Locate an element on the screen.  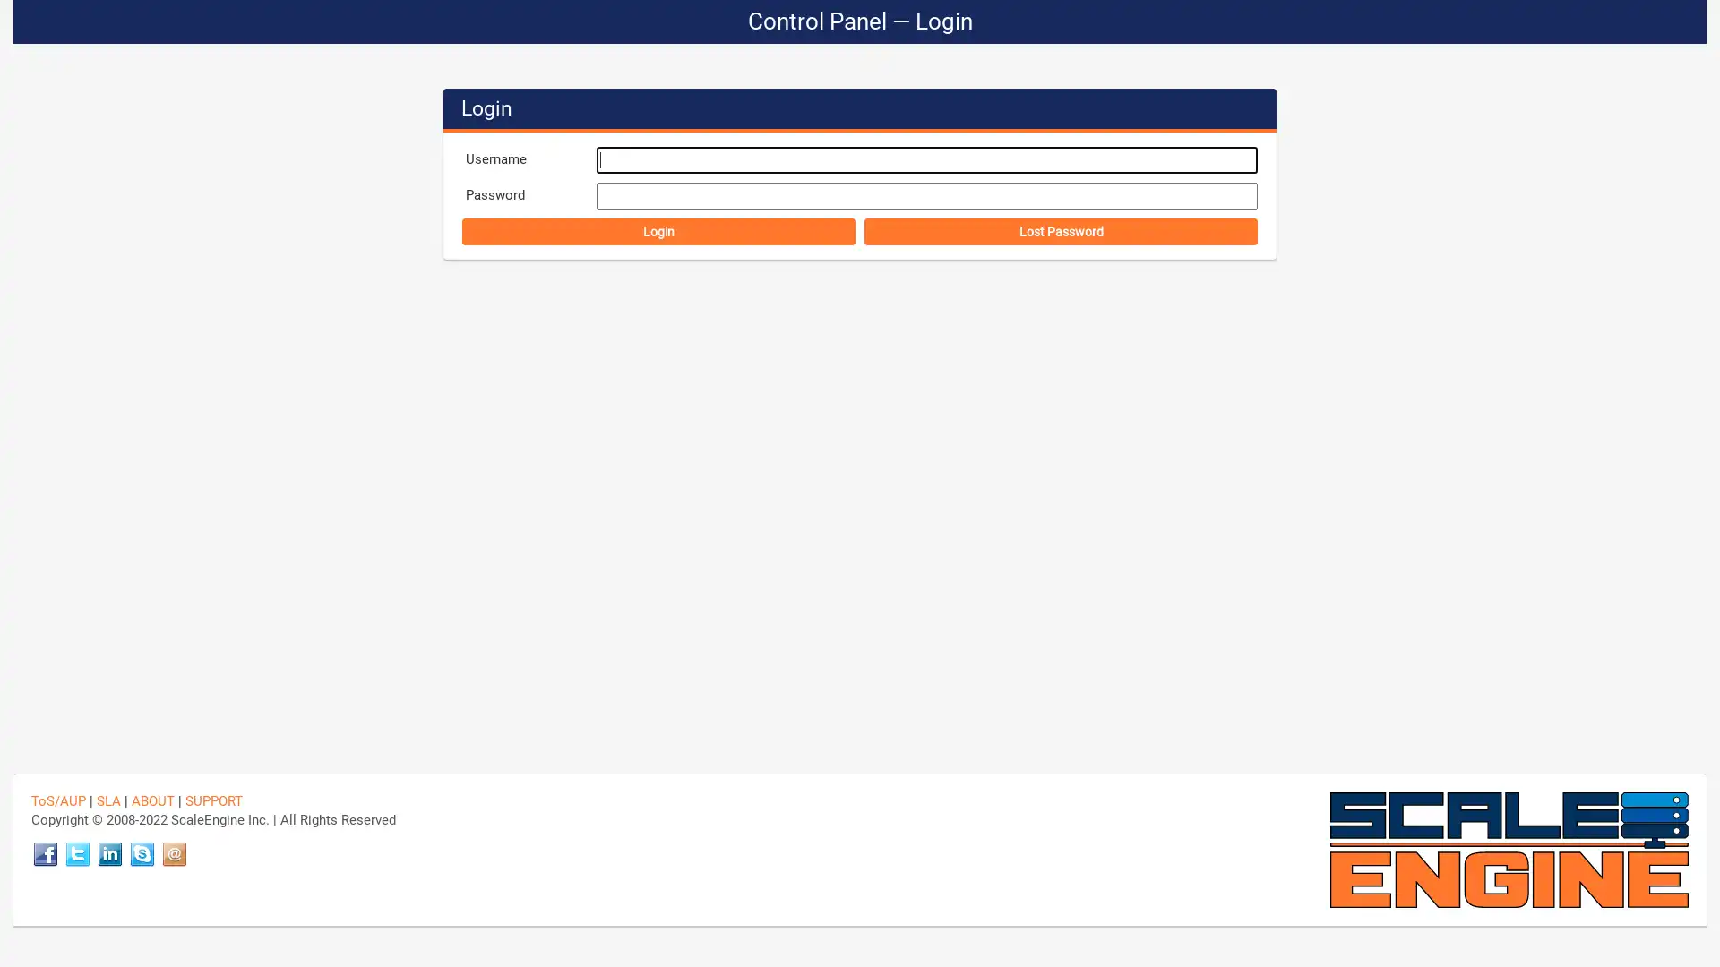
Login is located at coordinates (658, 230).